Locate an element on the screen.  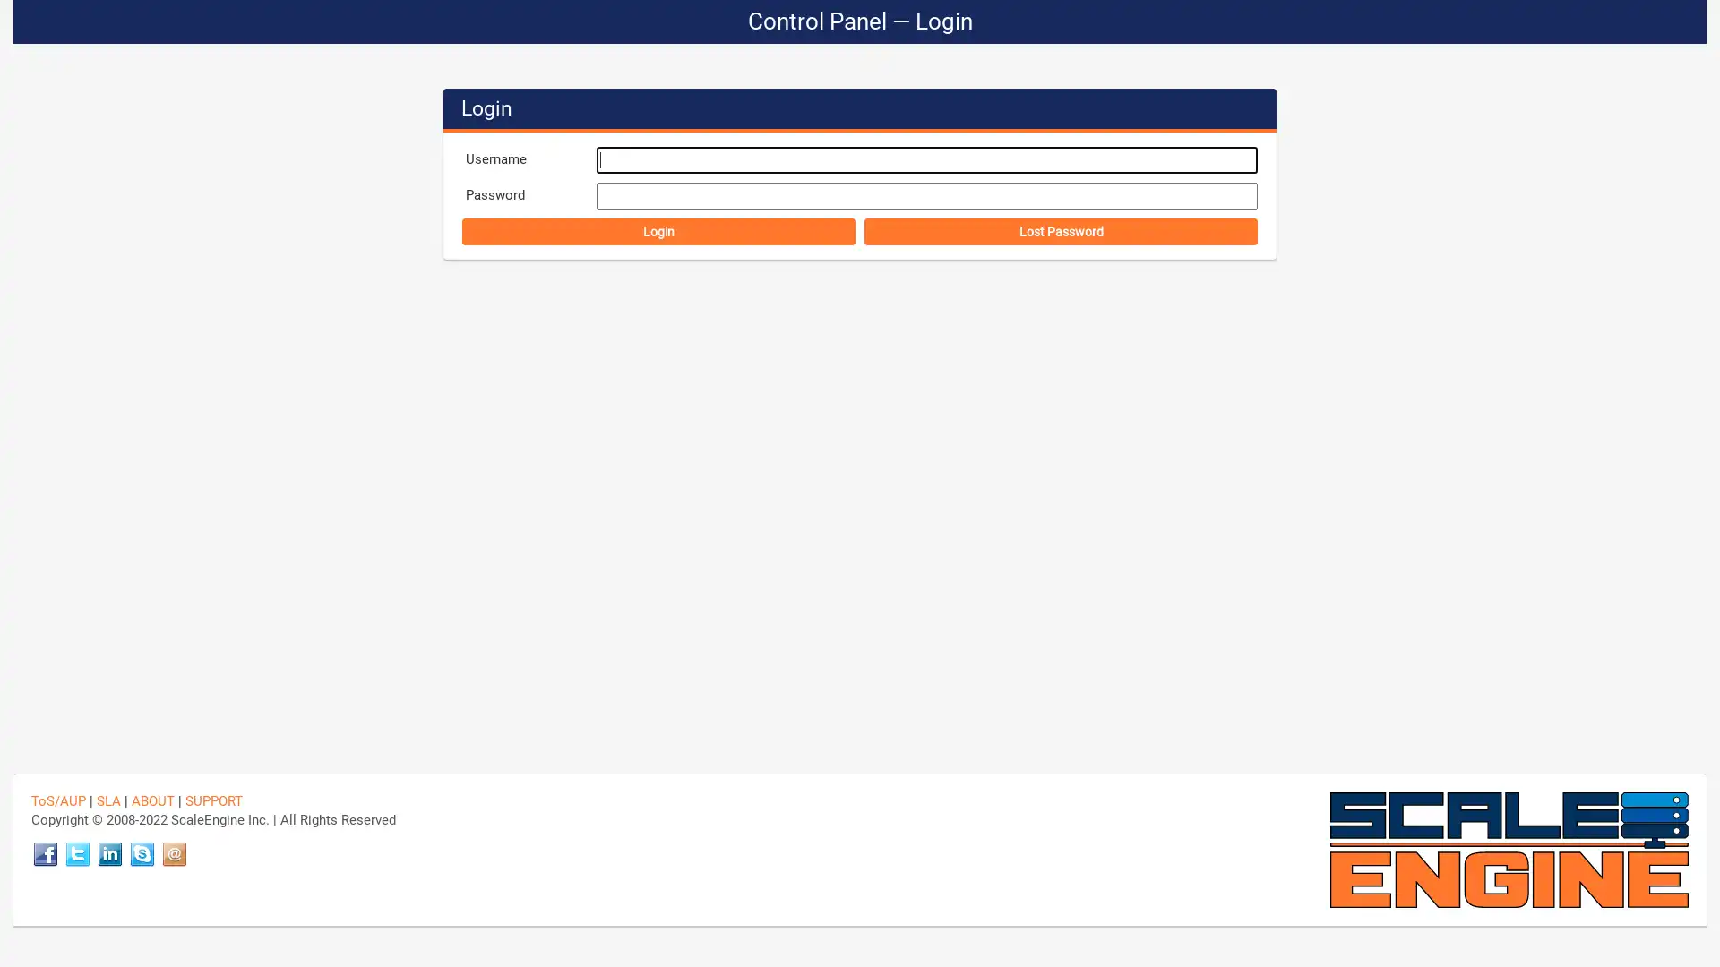
Login is located at coordinates (658, 230).